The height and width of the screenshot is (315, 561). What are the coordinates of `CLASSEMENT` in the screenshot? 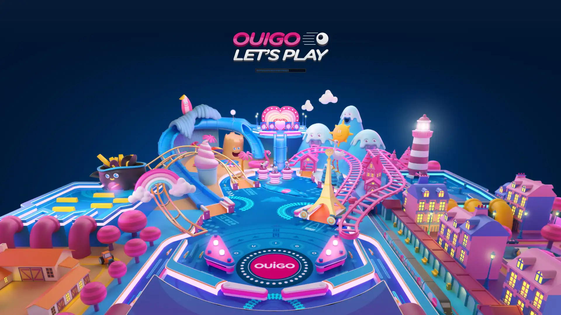 It's located at (280, 306).